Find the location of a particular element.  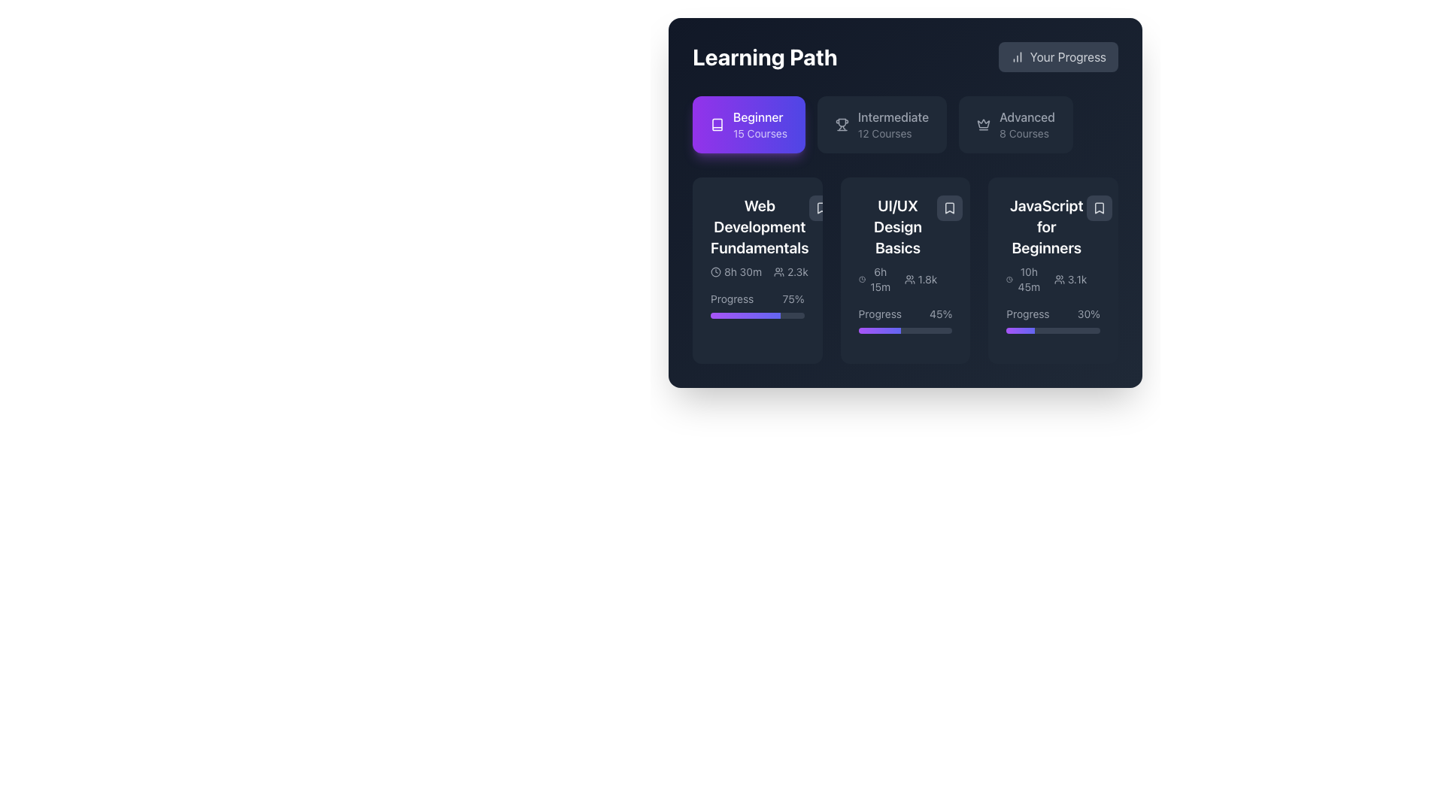

the bookmarking button located at the top-right corner of the 'Web Development Fundamentals' card to interact with it is located at coordinates (821, 208).